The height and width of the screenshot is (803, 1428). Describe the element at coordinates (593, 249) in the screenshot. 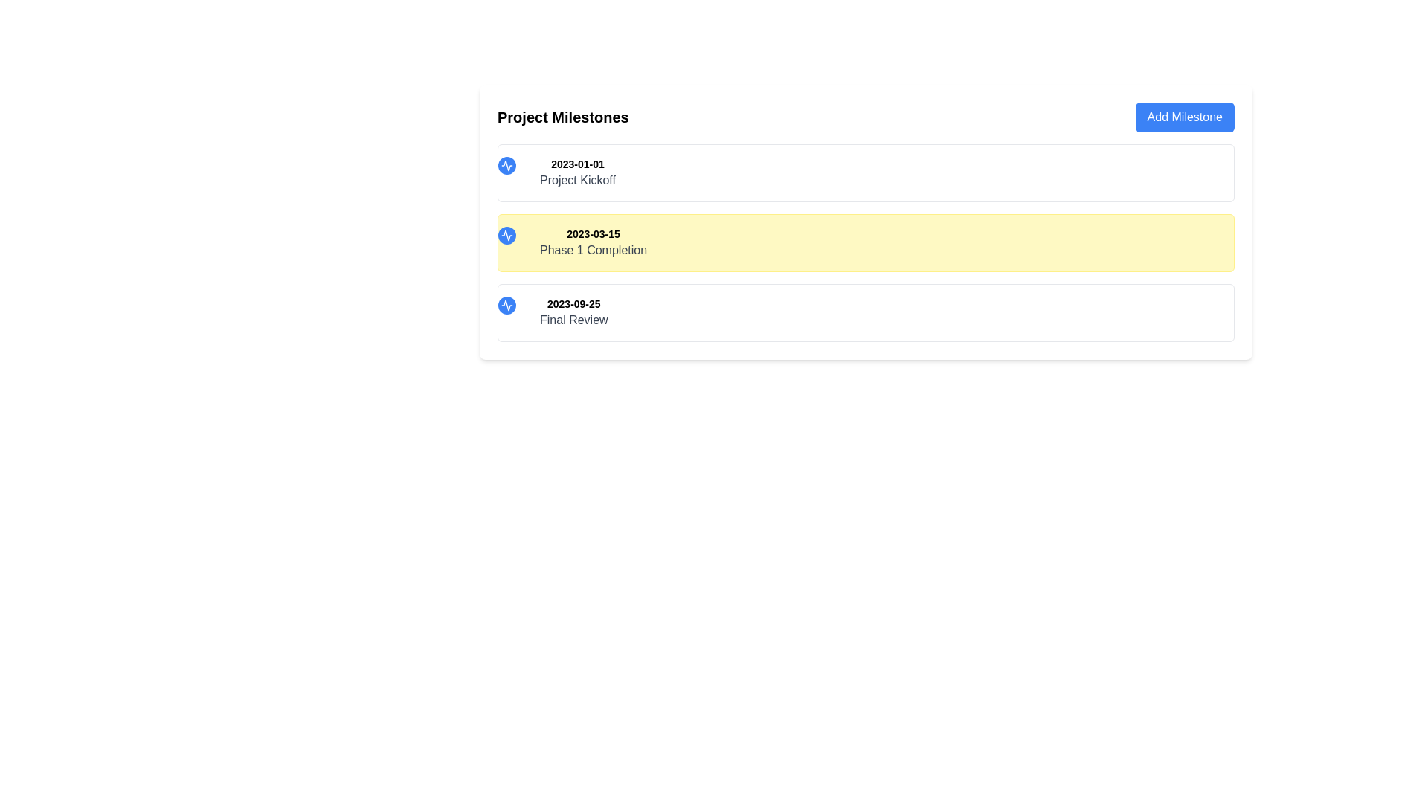

I see `the text label displaying 'Phase 1 Completion', which is styled with a gray font color and located within a highlighted yellow background box, positioned below the date label '2023-03-15' in the 'Project Milestones' section` at that location.